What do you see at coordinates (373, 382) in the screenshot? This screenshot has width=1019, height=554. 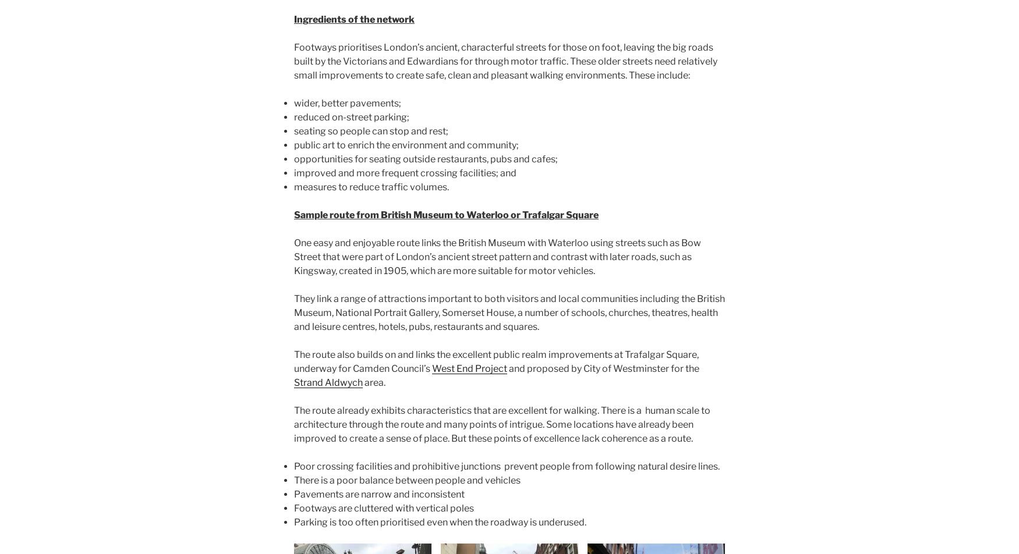 I see `'area.'` at bounding box center [373, 382].